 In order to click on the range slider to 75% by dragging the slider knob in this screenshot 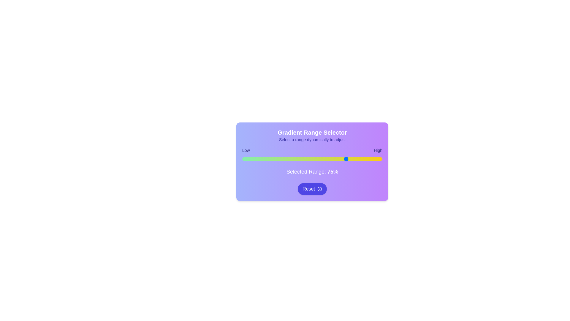, I will do `click(347, 159)`.